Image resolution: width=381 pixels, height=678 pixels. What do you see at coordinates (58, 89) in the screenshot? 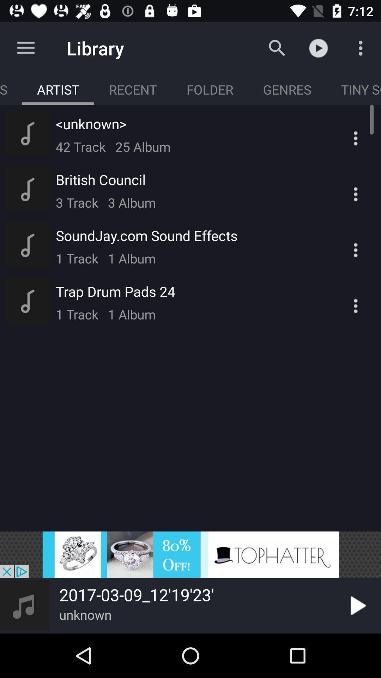
I see `the option artist on page` at bounding box center [58, 89].